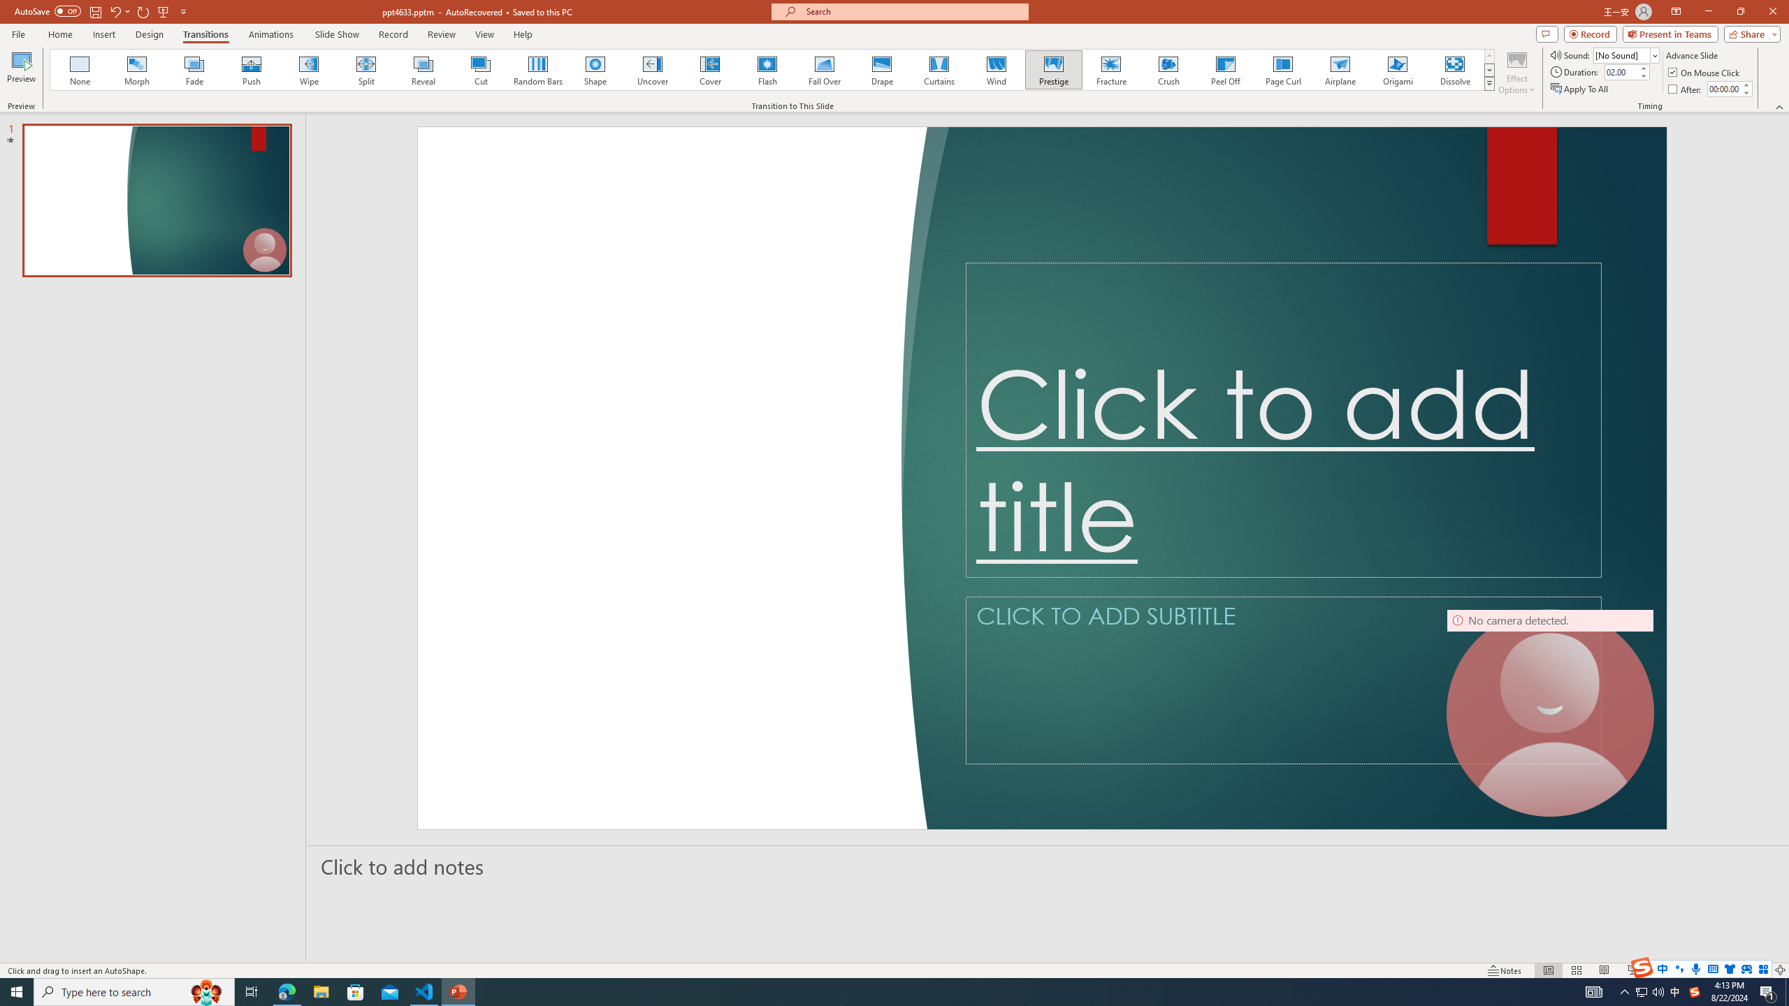 Image resolution: width=1789 pixels, height=1006 pixels. What do you see at coordinates (423, 69) in the screenshot?
I see `'Reveal'` at bounding box center [423, 69].